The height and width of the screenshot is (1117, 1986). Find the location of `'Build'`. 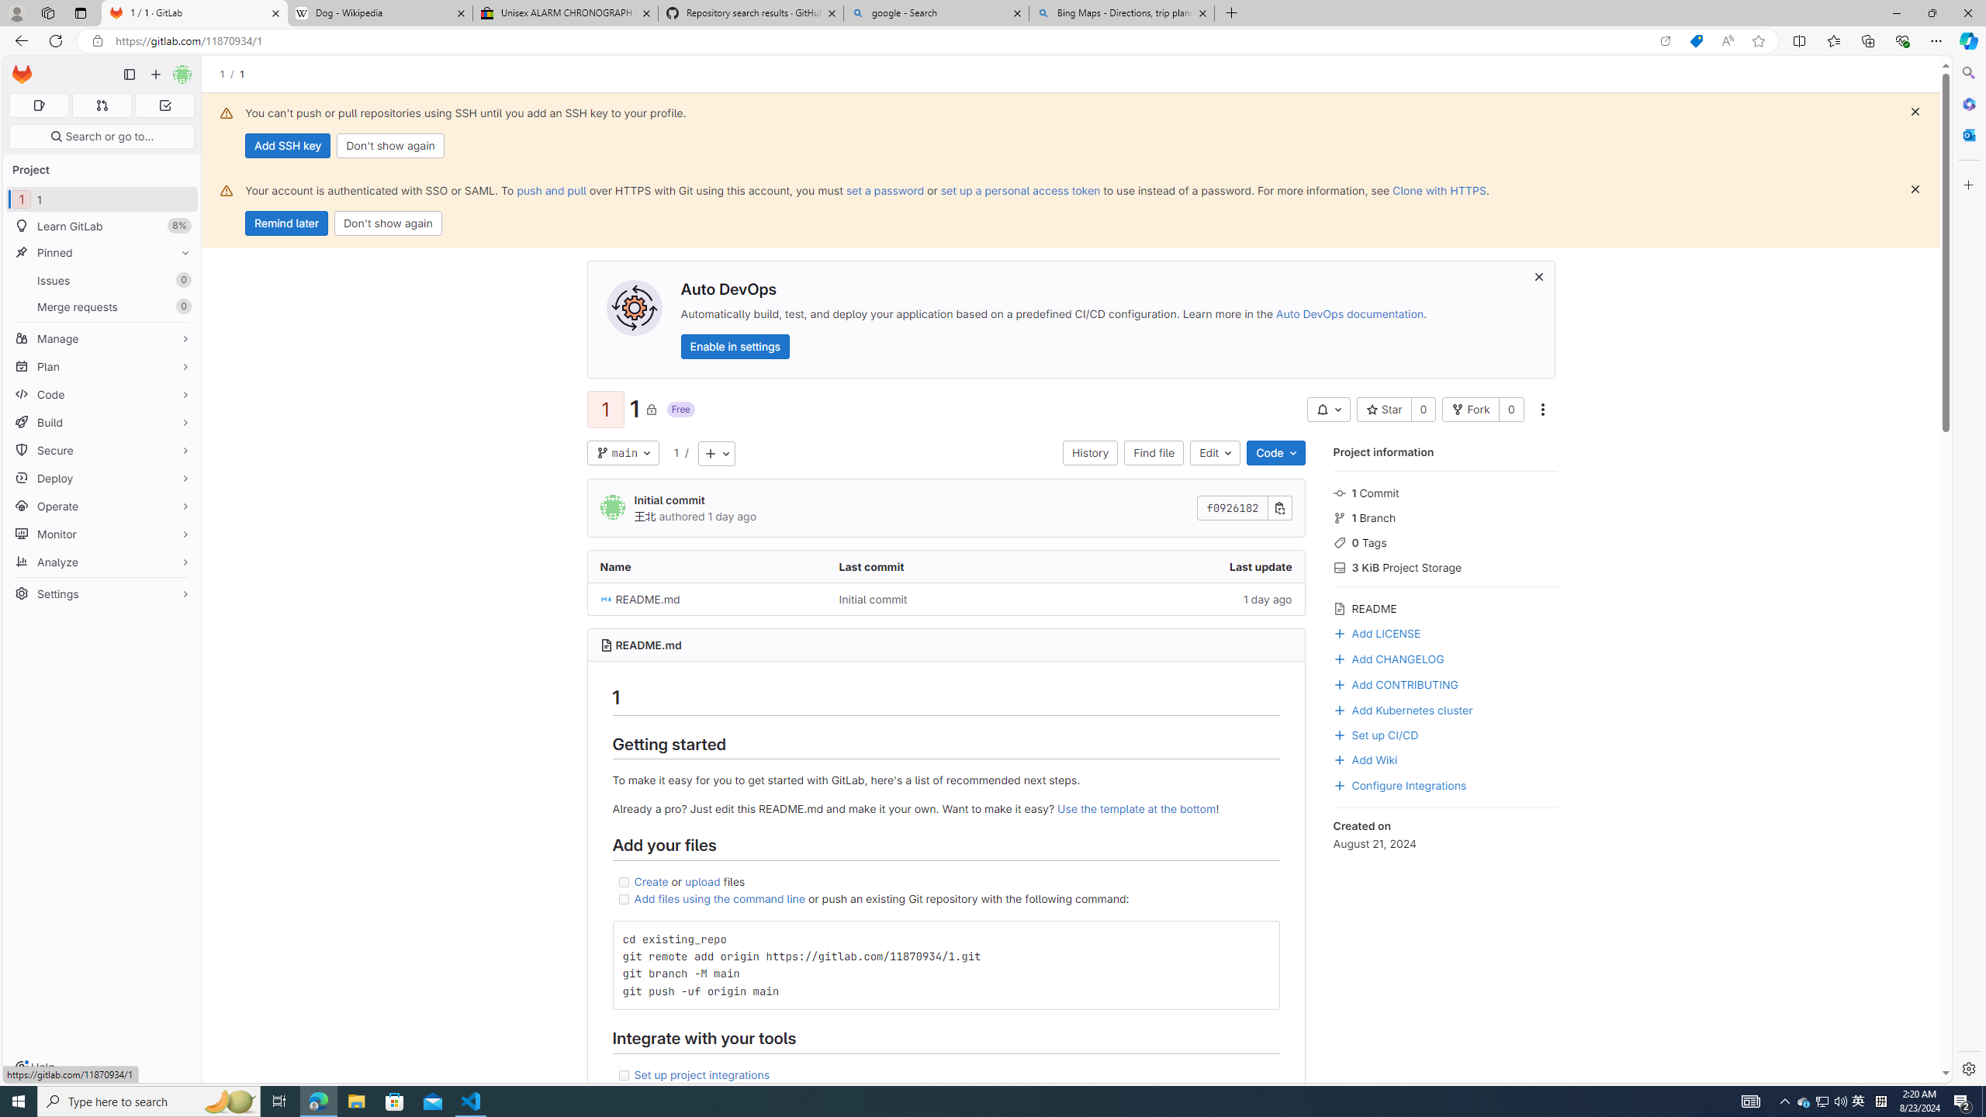

'Build' is located at coordinates (101, 422).